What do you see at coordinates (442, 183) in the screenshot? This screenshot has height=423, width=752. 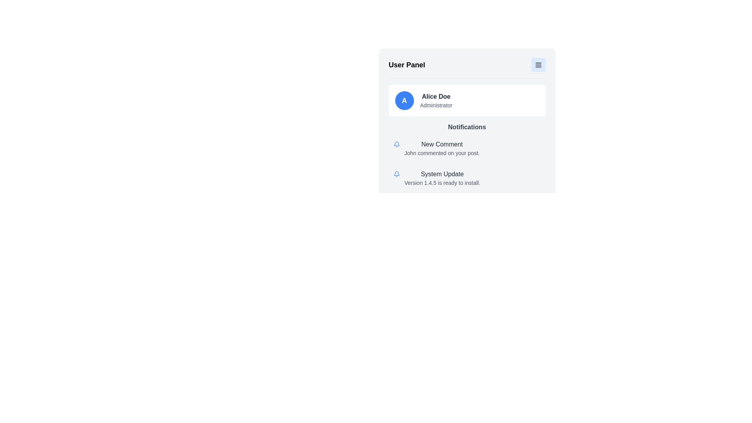 I see `the text label that reads 'Version 1.4.5 is ready to install.' located below the 'System Update' text in the User Panel interface` at bounding box center [442, 183].